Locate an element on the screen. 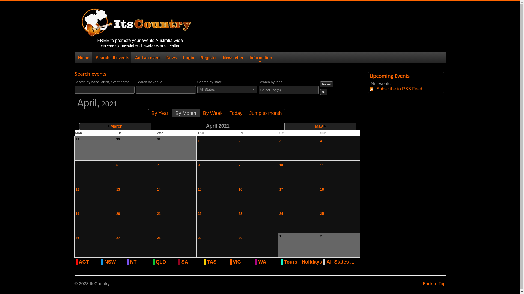  'QLD' is located at coordinates (166, 261).